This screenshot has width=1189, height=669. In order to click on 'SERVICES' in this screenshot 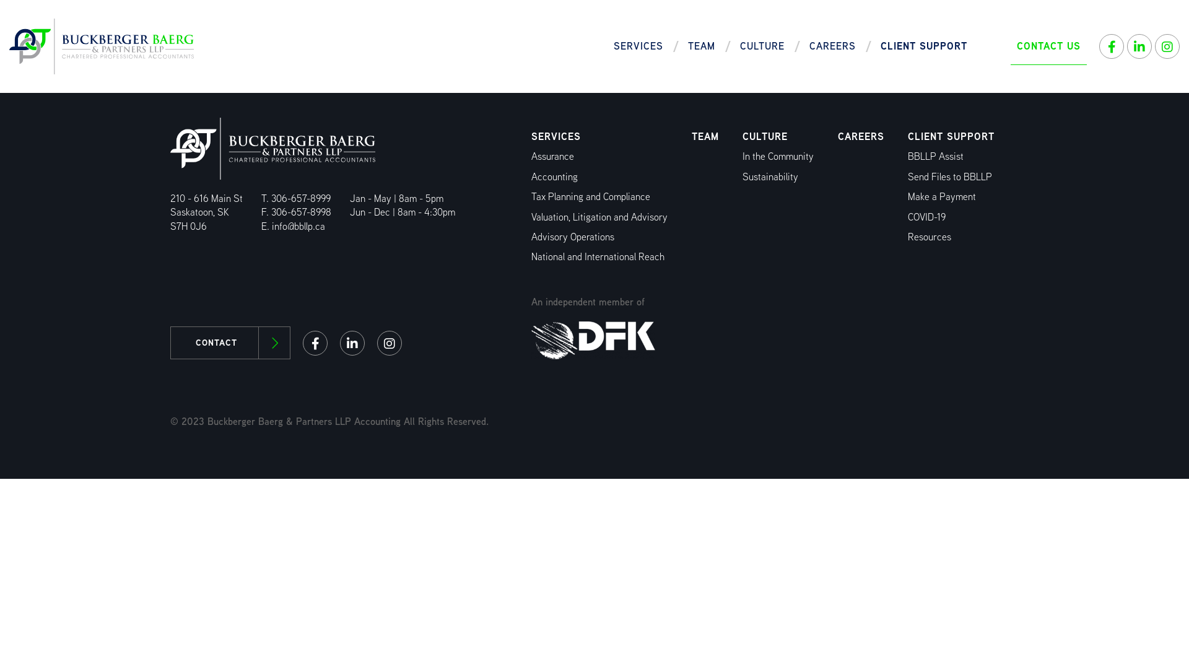, I will do `click(555, 136)`.